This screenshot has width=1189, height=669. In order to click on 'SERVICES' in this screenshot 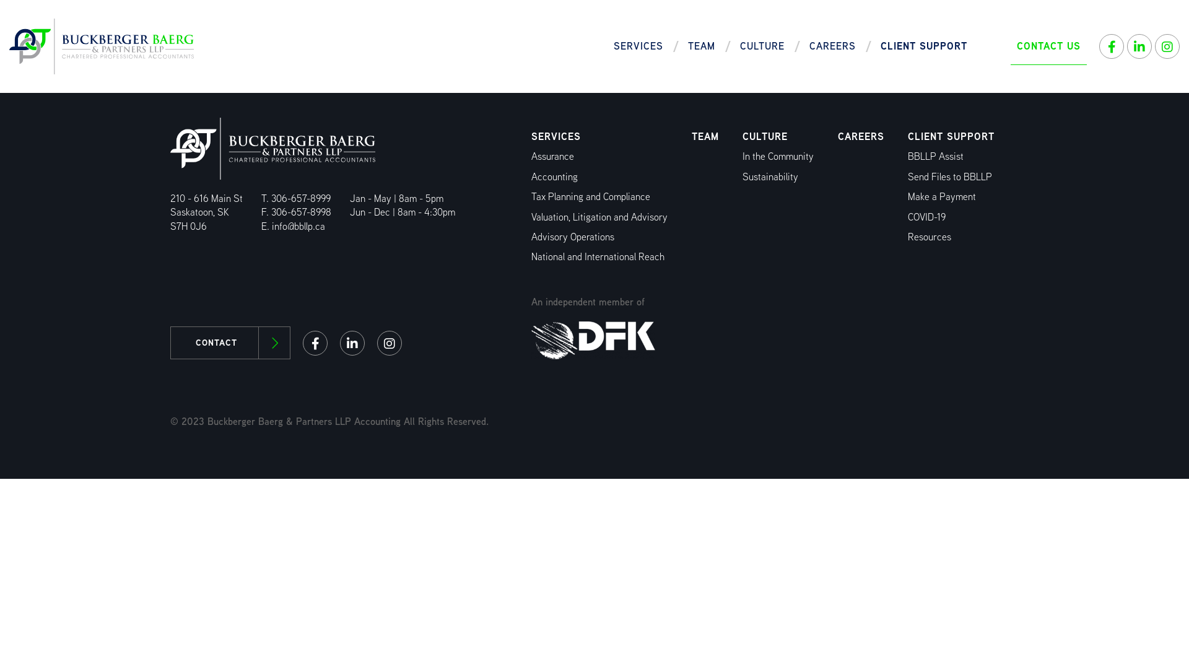, I will do `click(555, 136)`.